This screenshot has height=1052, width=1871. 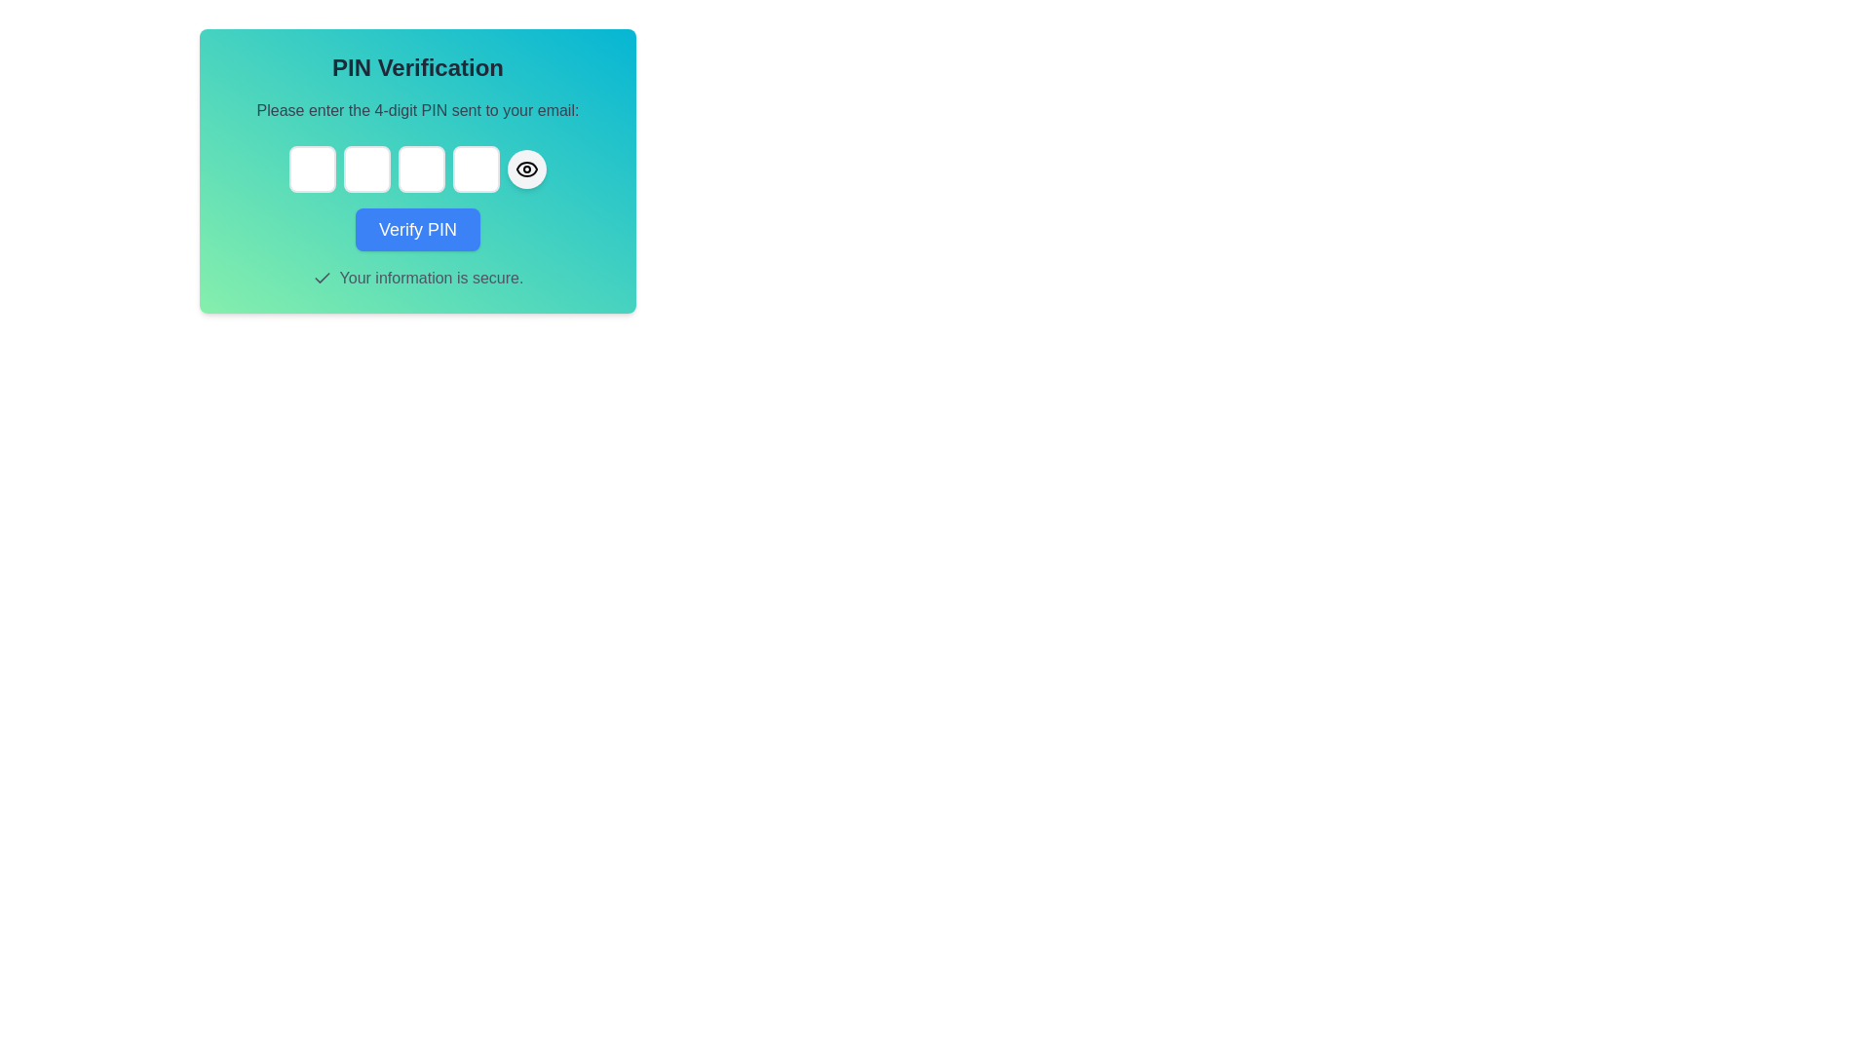 What do you see at coordinates (416, 278) in the screenshot?
I see `the text label displaying 'Your information is secure.' with a green checkmark icon, located at the bottom center of the interface` at bounding box center [416, 278].